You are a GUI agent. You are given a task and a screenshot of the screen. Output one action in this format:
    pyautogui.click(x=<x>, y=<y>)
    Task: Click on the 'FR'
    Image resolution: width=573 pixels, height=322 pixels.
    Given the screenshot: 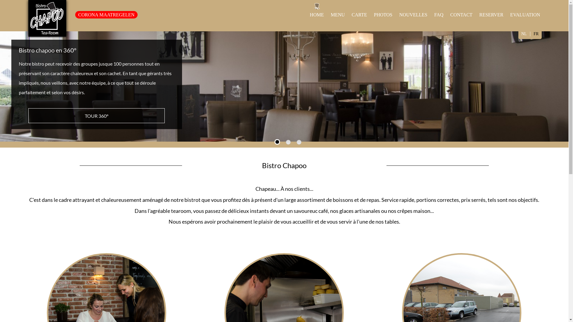 What is the action you would take?
    pyautogui.click(x=536, y=34)
    